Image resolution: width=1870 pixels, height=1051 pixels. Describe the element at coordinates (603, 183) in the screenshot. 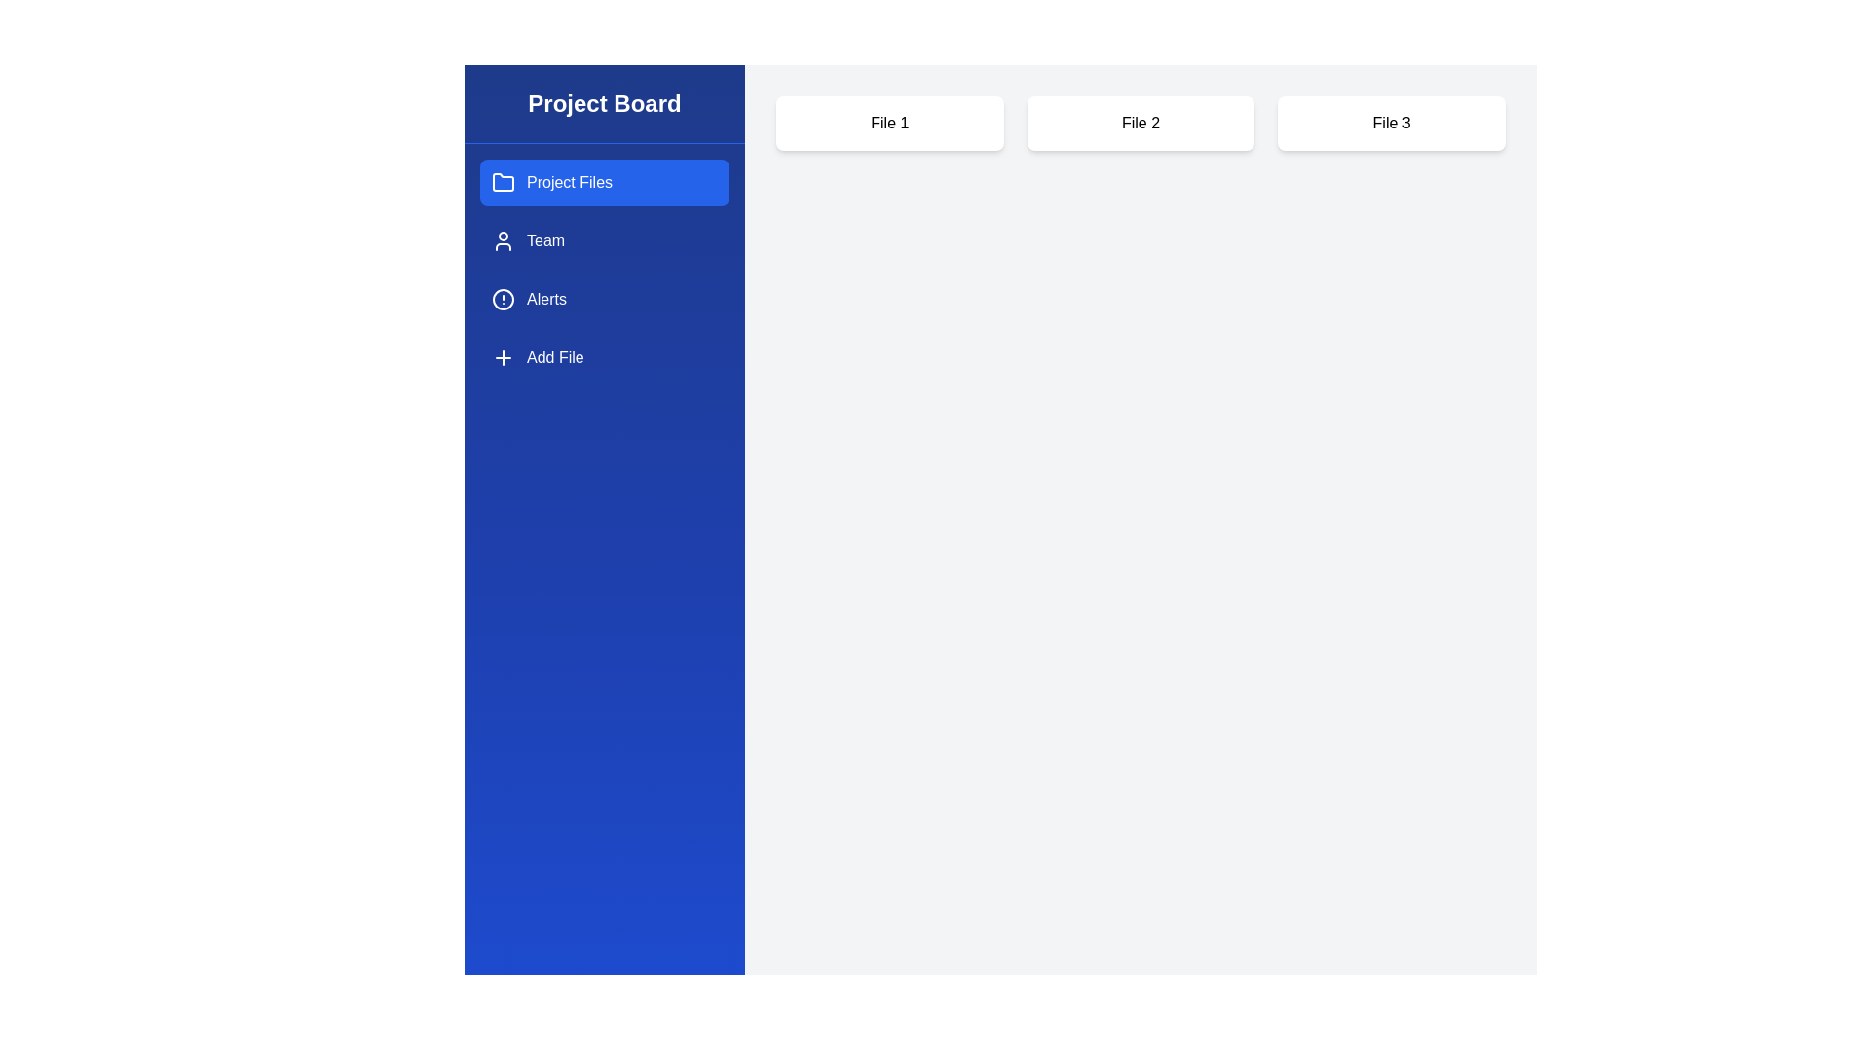

I see `the 'Project Files' navigation button located at the top of the vertical navigation menu` at that location.